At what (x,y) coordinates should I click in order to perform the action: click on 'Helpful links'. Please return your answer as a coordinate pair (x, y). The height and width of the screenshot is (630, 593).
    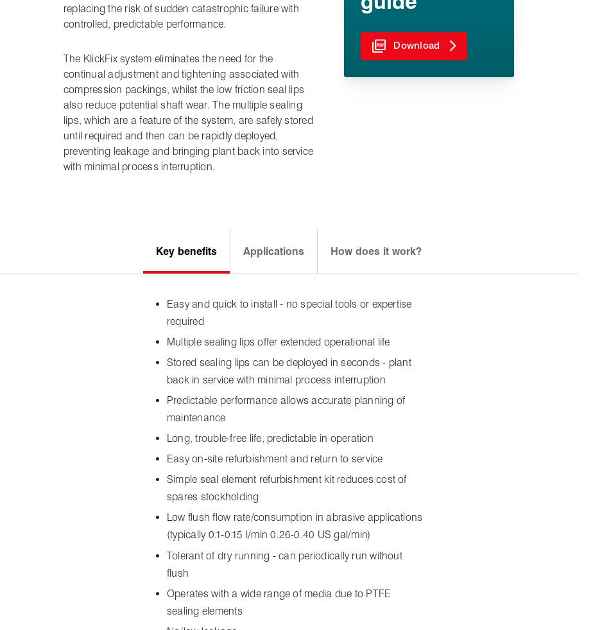
    Looking at the image, I should click on (223, 463).